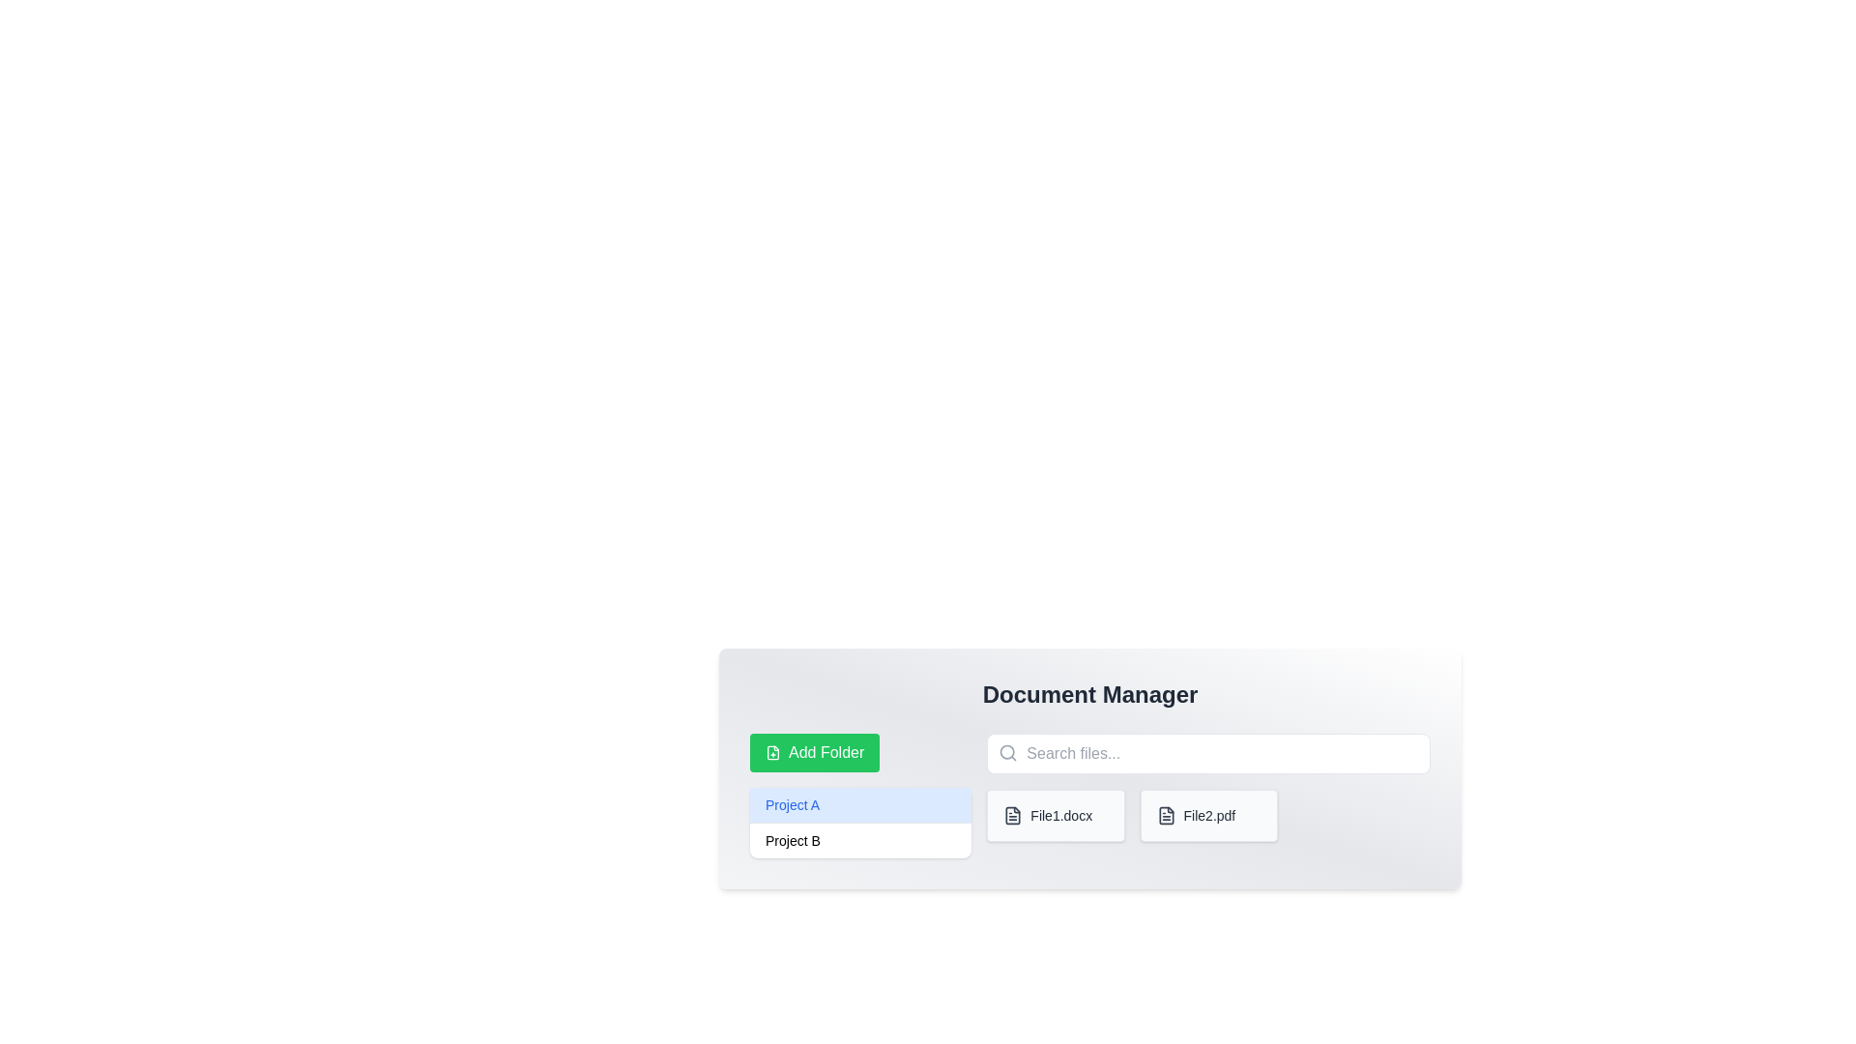 Image resolution: width=1856 pixels, height=1044 pixels. Describe the element at coordinates (1207, 752) in the screenshot. I see `the text input field with rounded corners and a placeholder 'Search files...'` at that location.